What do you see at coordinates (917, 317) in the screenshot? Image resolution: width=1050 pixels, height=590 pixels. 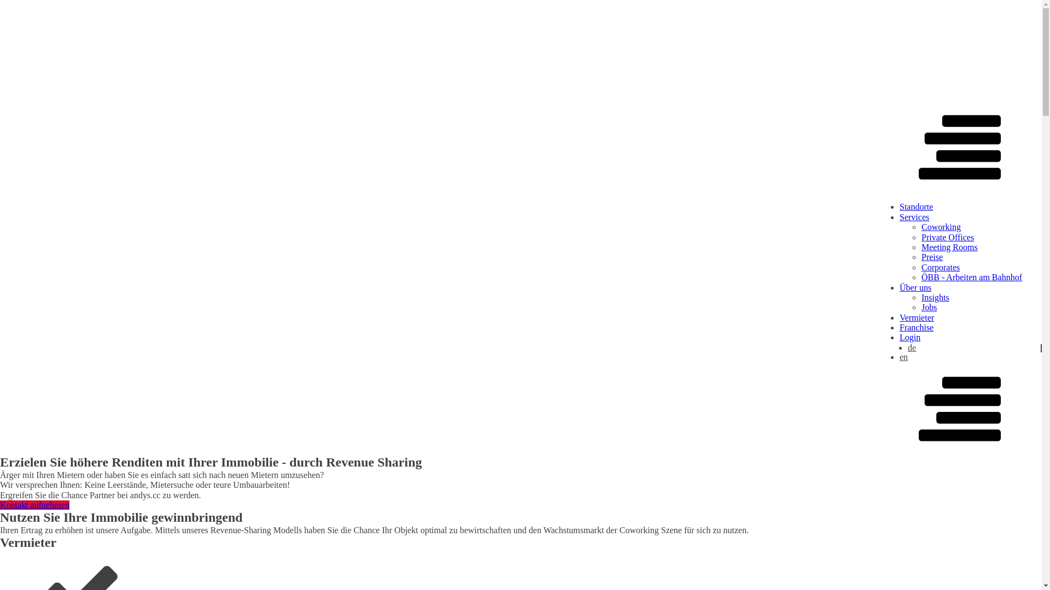 I see `'Vermieter'` at bounding box center [917, 317].